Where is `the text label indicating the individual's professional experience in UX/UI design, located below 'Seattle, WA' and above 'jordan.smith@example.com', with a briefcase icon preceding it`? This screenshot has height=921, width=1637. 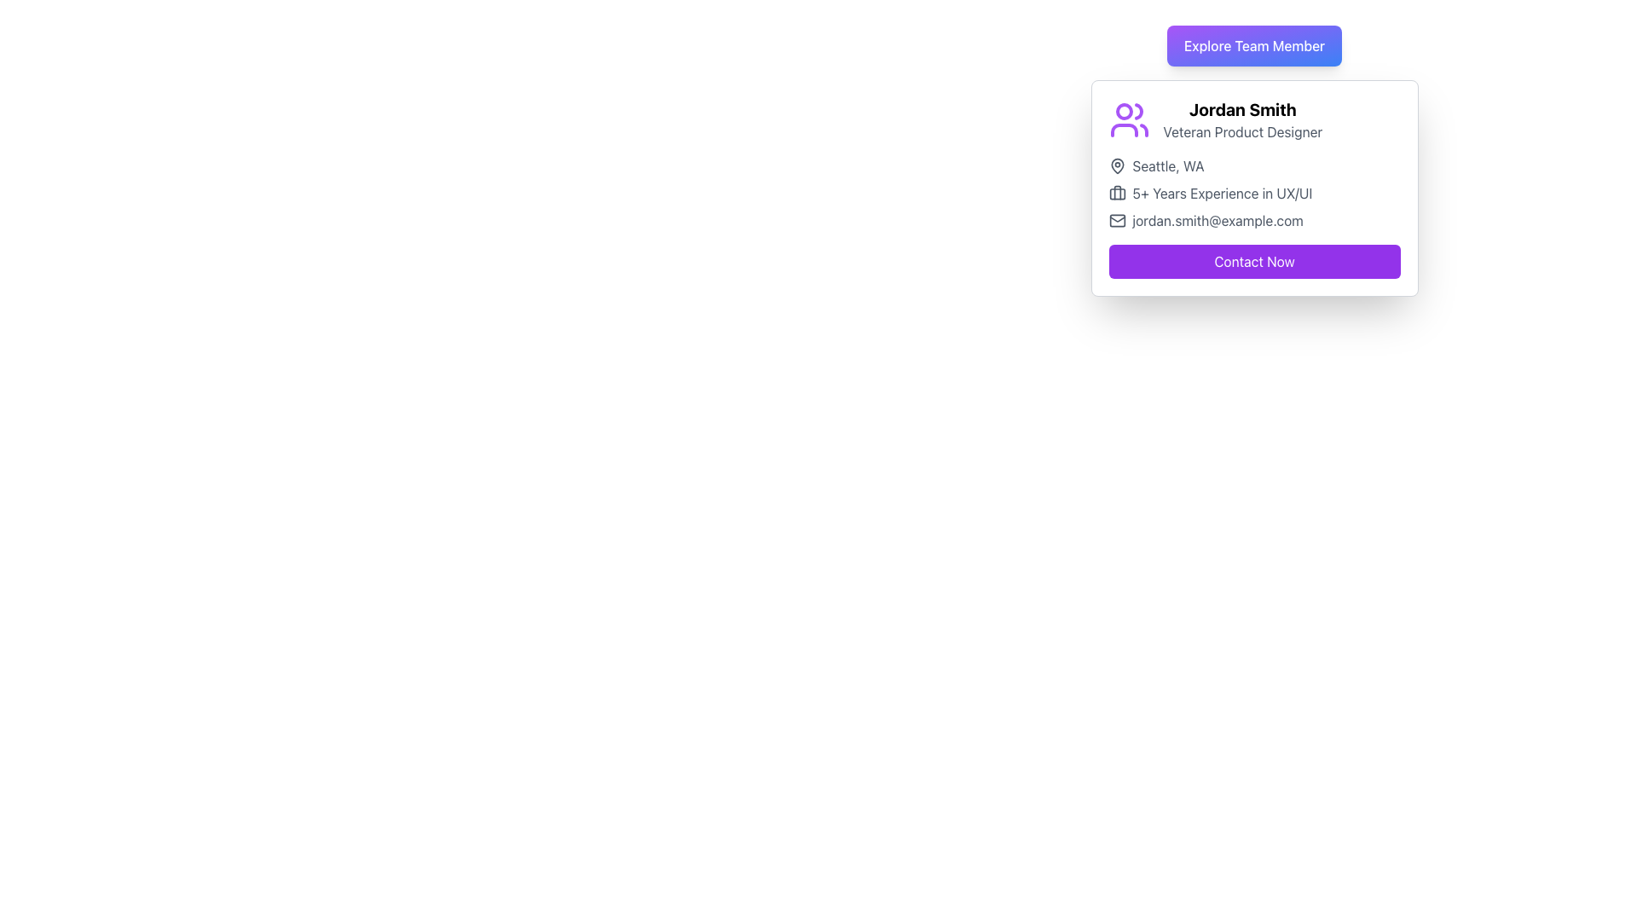 the text label indicating the individual's professional experience in UX/UI design, located below 'Seattle, WA' and above 'jordan.smith@example.com', with a briefcase icon preceding it is located at coordinates (1254, 193).